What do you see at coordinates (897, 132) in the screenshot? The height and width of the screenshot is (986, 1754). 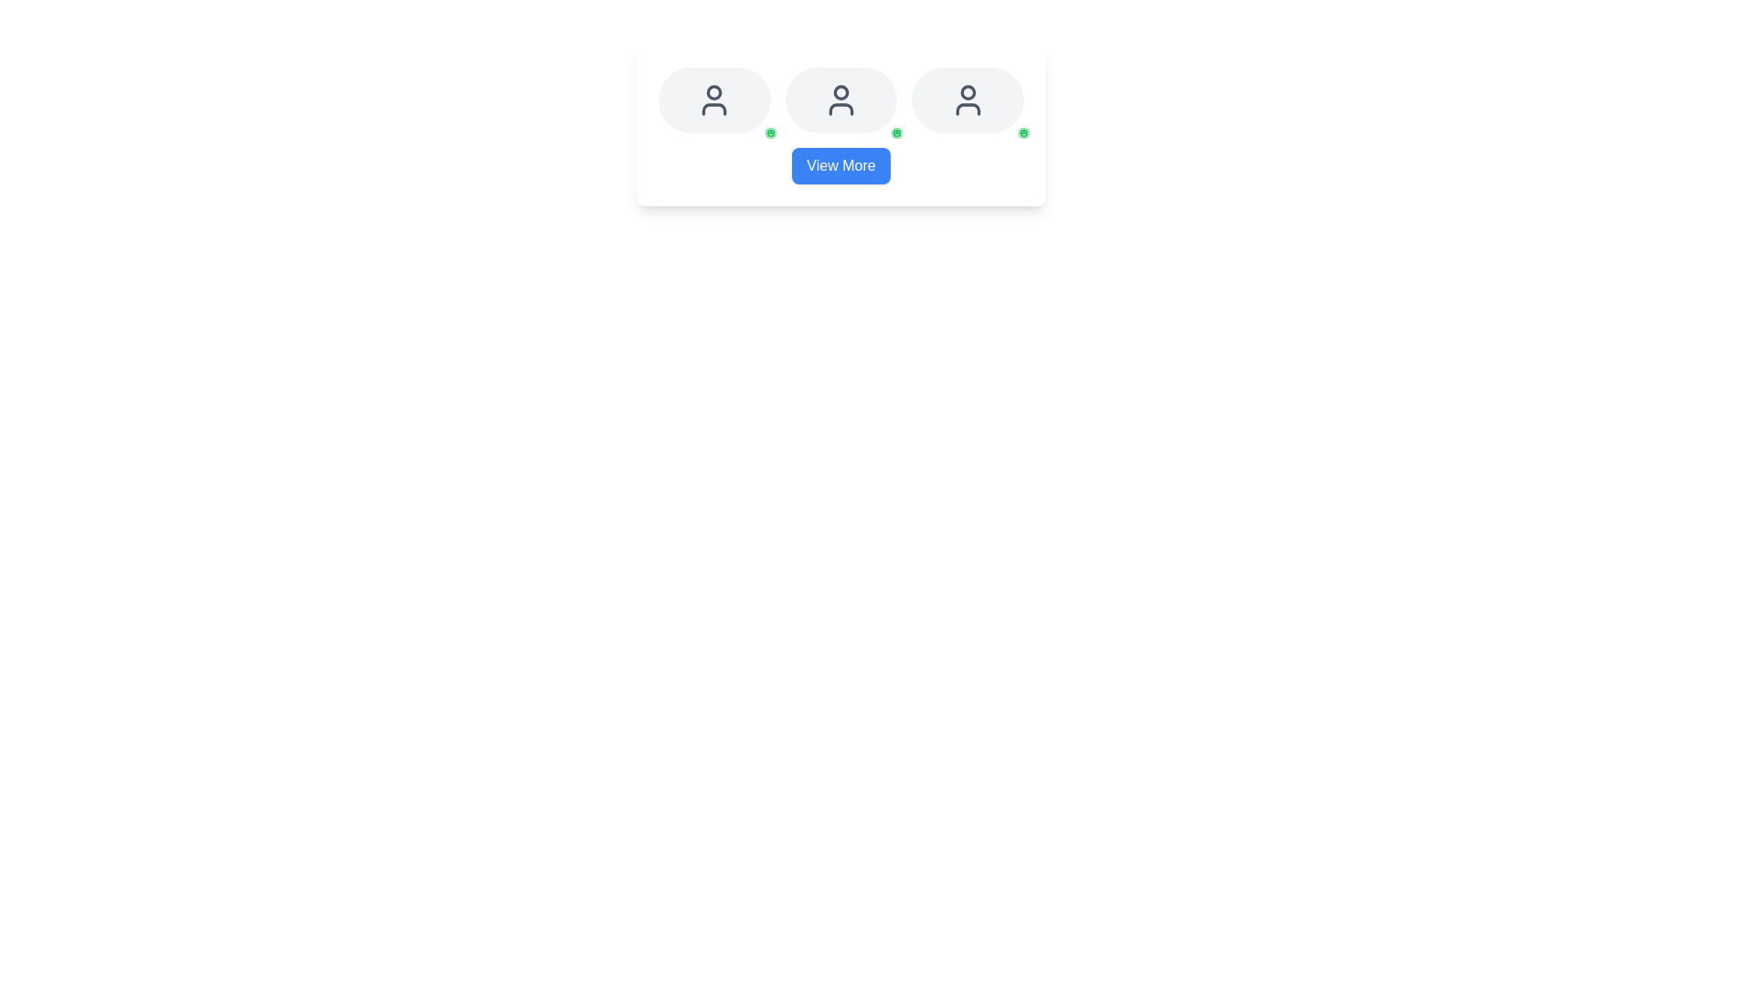 I see `the SVG graphic element that indicates a positive state, located at the bottom-right corner of a circular green area within the user profile icons in the main card section` at bounding box center [897, 132].